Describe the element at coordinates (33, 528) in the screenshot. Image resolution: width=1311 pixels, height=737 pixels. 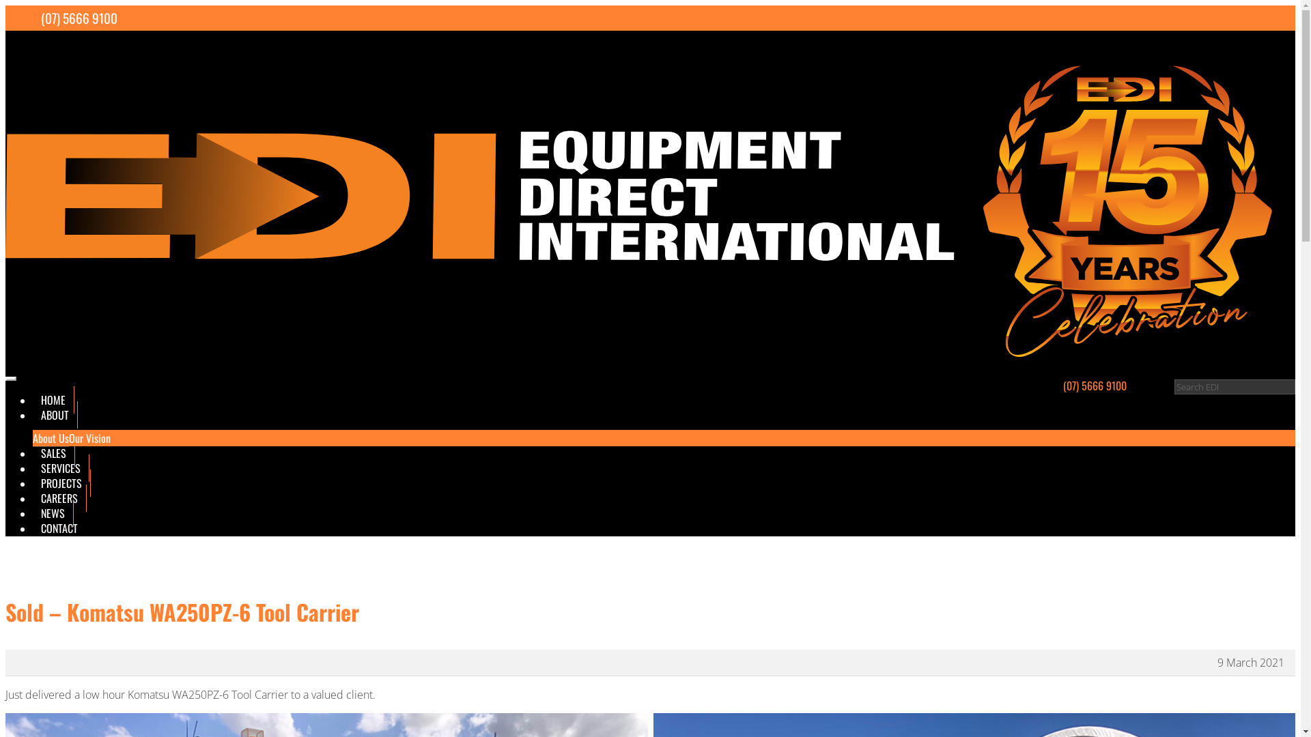
I see `'CONTACT'` at that location.